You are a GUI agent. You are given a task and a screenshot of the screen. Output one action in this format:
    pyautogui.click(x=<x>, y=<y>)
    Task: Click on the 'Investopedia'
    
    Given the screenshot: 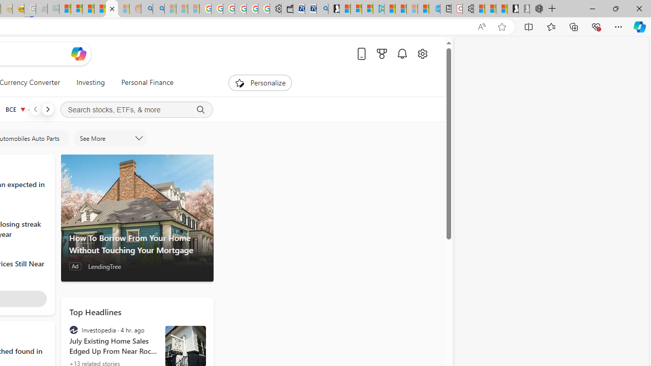 What is the action you would take?
    pyautogui.click(x=73, y=330)
    